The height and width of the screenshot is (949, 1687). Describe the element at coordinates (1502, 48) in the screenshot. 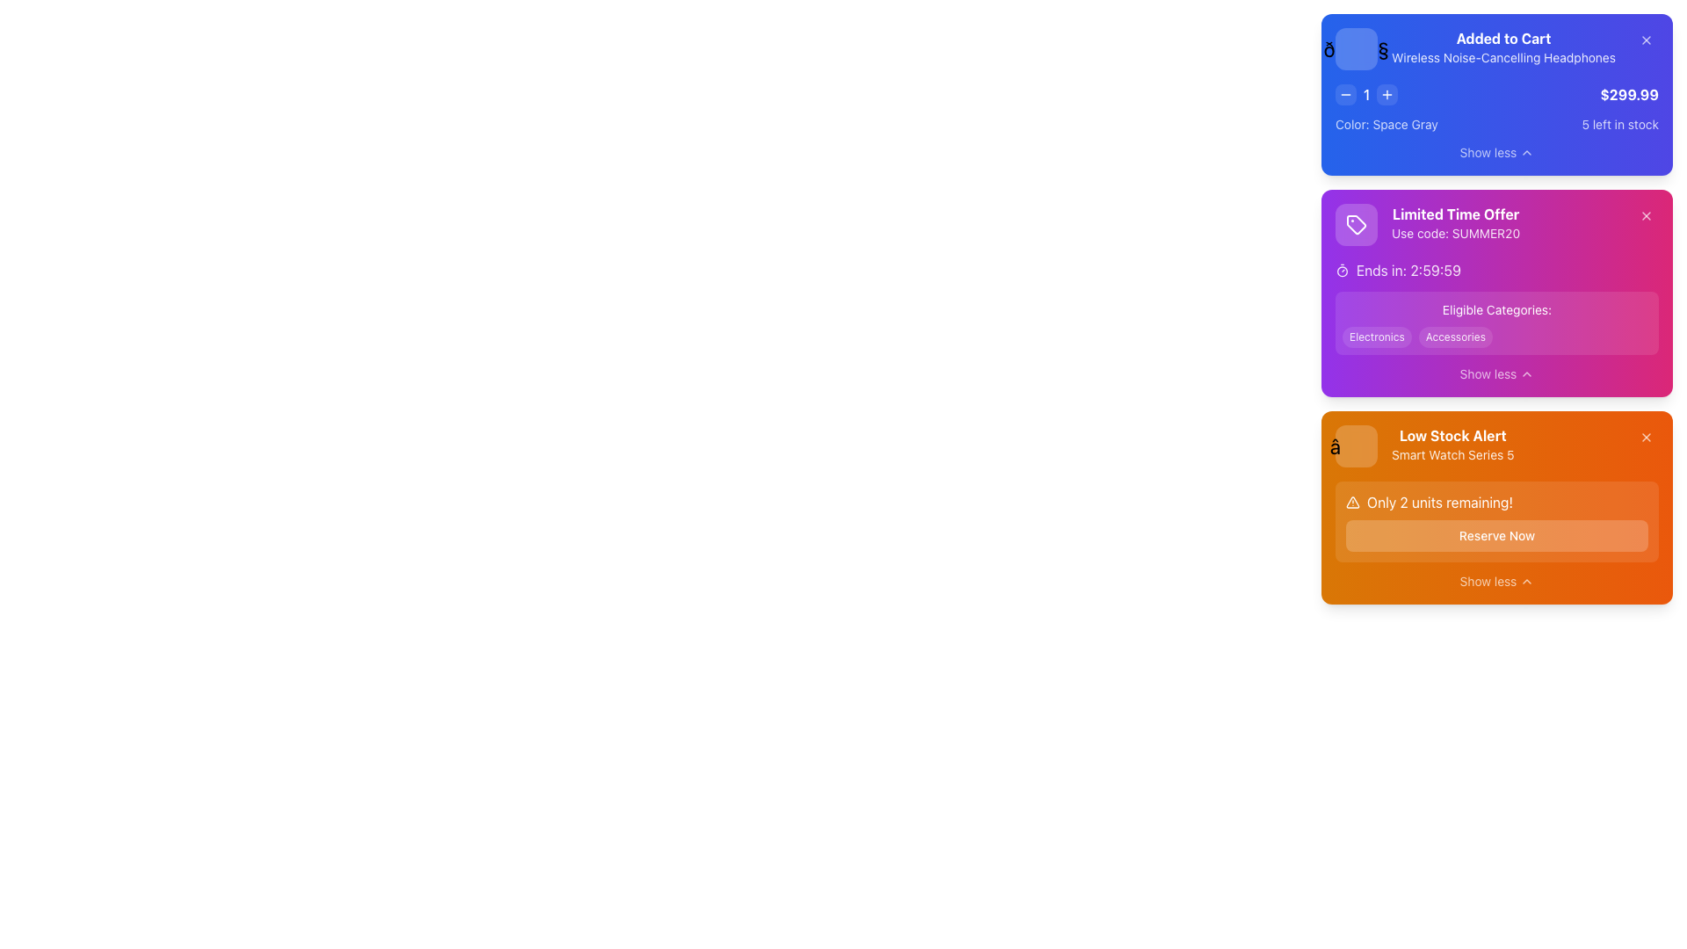

I see `the 'Added` at that location.